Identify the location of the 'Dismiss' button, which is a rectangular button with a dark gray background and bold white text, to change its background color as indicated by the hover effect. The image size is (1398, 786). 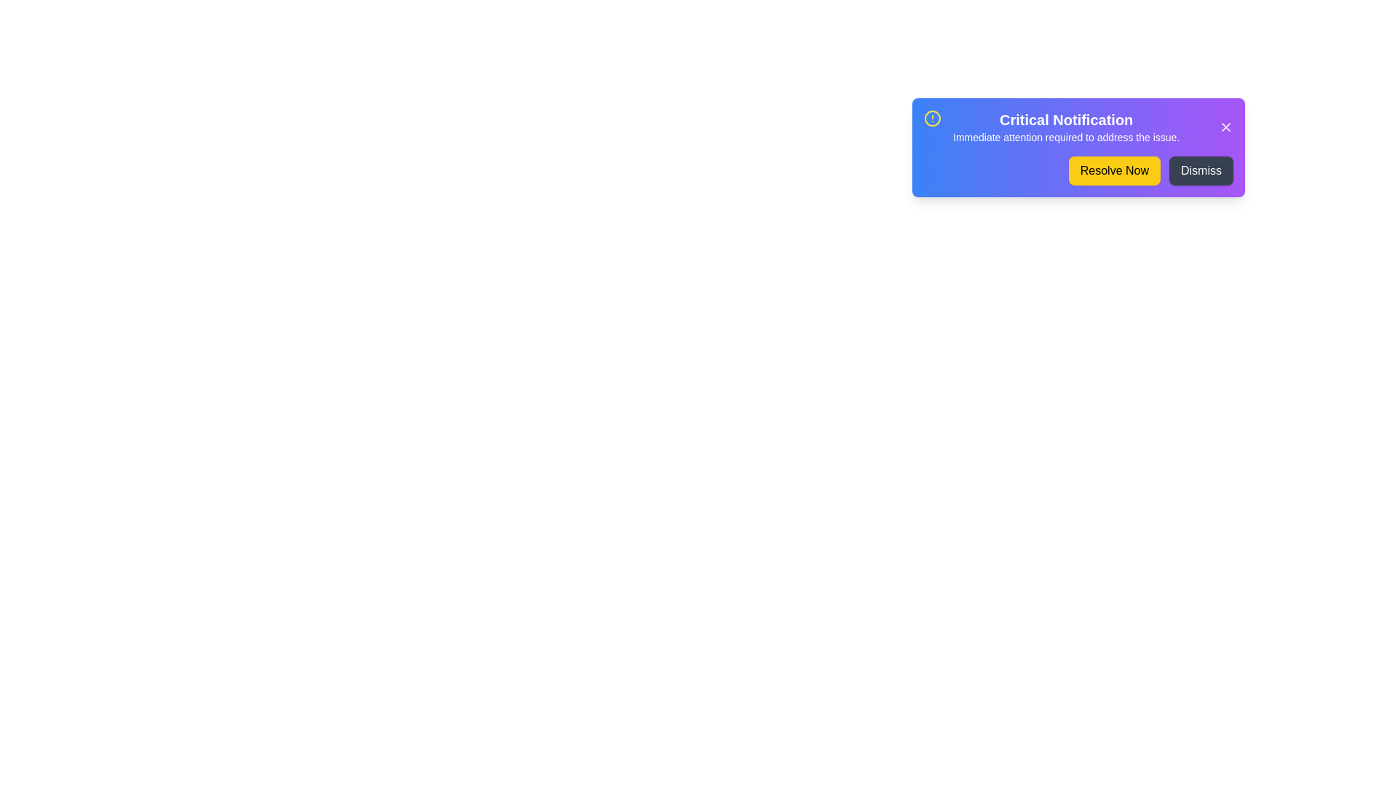
(1201, 170).